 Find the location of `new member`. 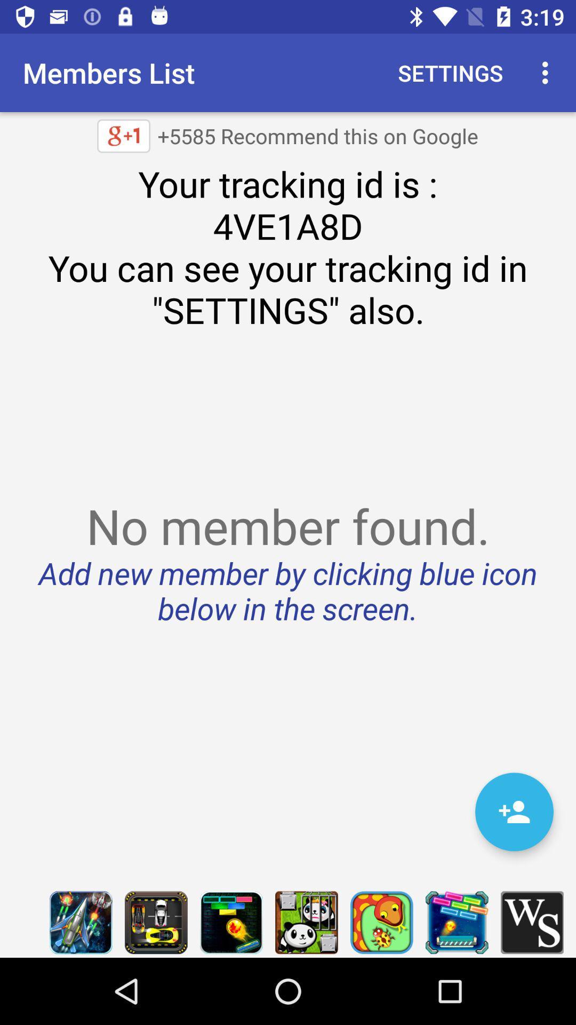

new member is located at coordinates (514, 811).